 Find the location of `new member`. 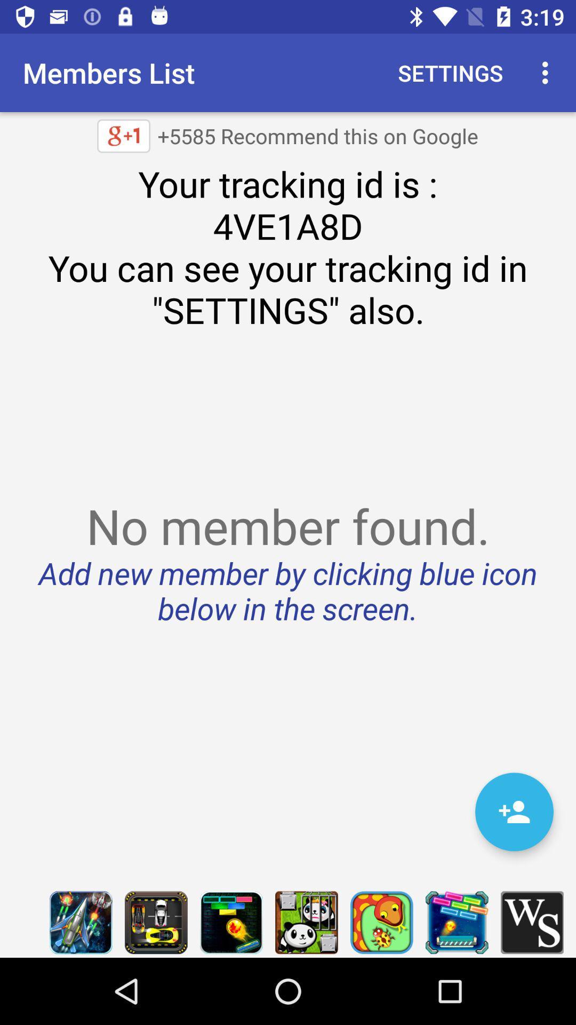

new member is located at coordinates (514, 811).